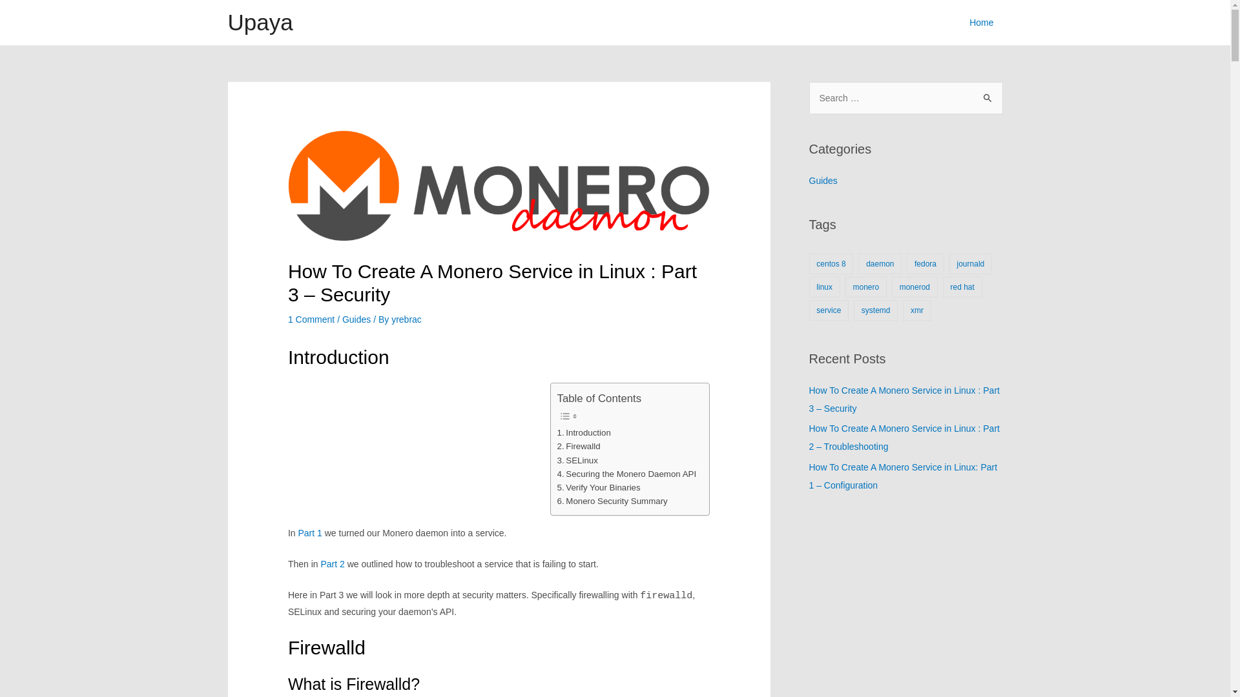 The width and height of the screenshot is (1240, 697). What do you see at coordinates (332, 563) in the screenshot?
I see `'Part 2'` at bounding box center [332, 563].